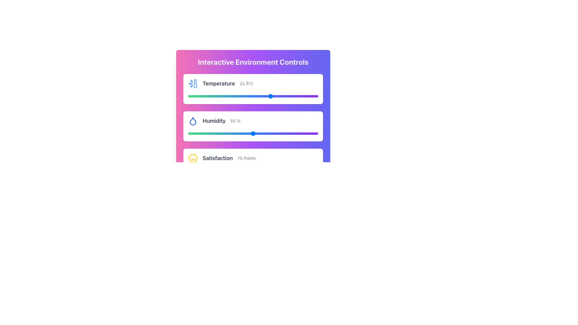 Image resolution: width=578 pixels, height=325 pixels. What do you see at coordinates (305, 133) in the screenshot?
I see `humidity` at bounding box center [305, 133].